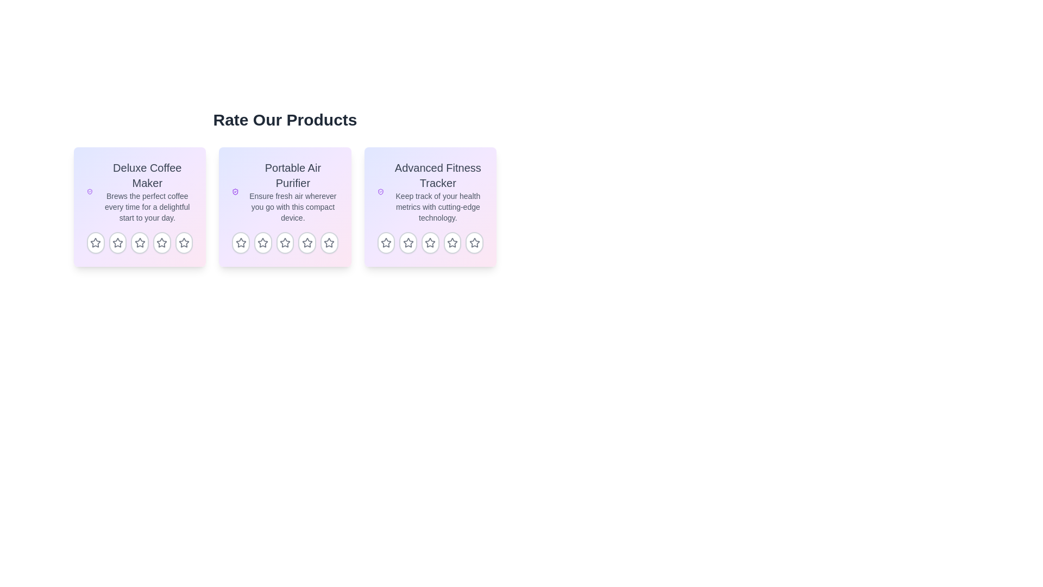 Image resolution: width=1043 pixels, height=587 pixels. What do you see at coordinates (430, 242) in the screenshot?
I see `the third star in the rating control of the 'Advanced Fitness Tracker' card` at bounding box center [430, 242].